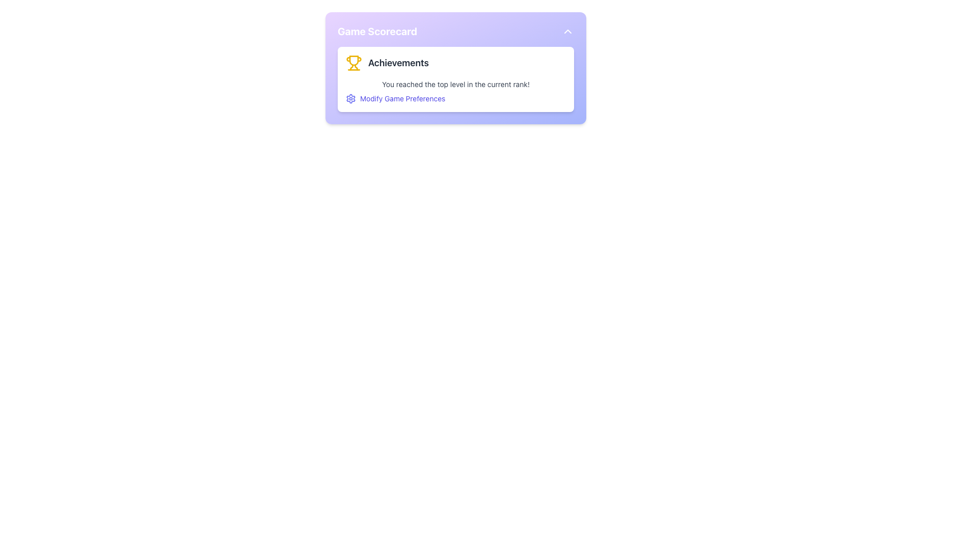 The image size is (978, 550). Describe the element at coordinates (455, 84) in the screenshot. I see `the static text that says 'You reached the top level in the current rank!' located under the 'Achievements' heading on a purple card` at that location.